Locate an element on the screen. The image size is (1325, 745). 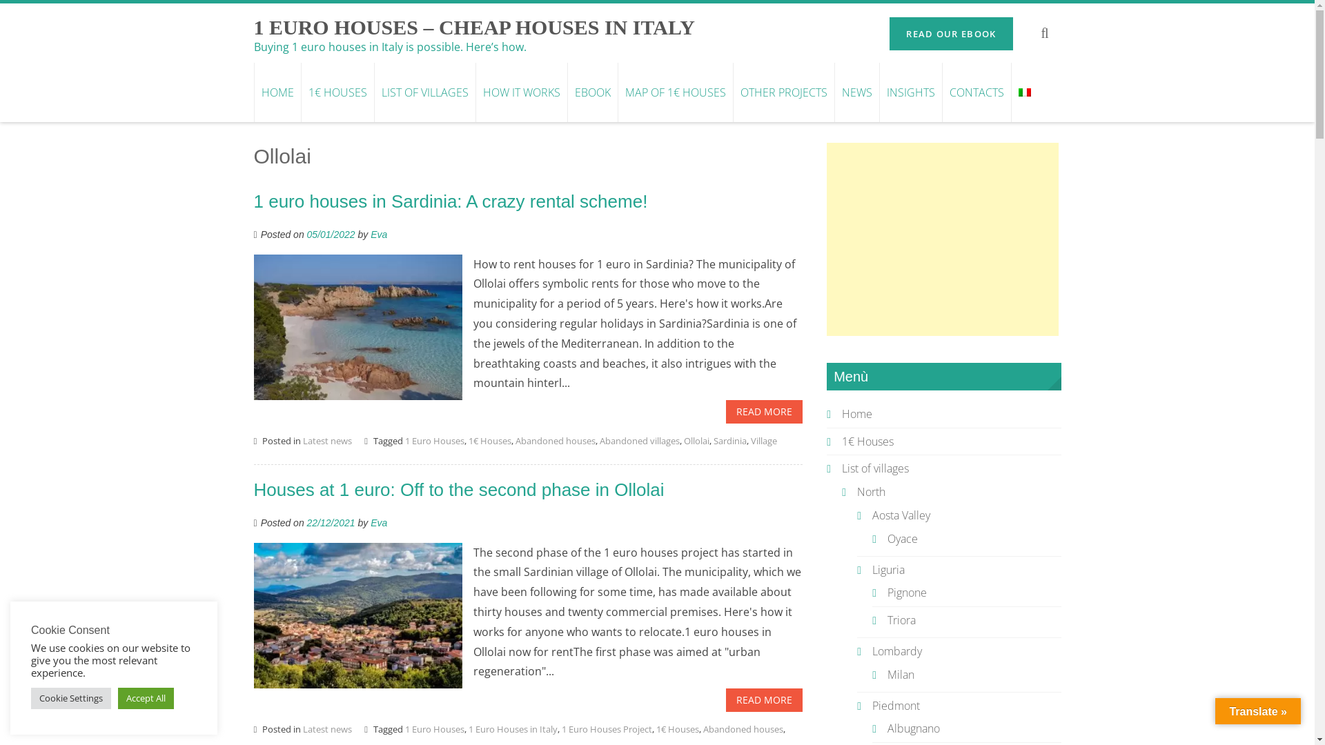
'OTHER PROJECTS' is located at coordinates (732, 92).